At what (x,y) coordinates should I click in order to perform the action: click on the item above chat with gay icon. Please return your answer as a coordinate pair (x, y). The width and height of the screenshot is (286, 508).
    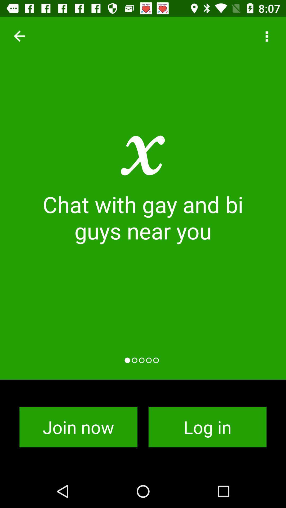
    Looking at the image, I should click on (266, 36).